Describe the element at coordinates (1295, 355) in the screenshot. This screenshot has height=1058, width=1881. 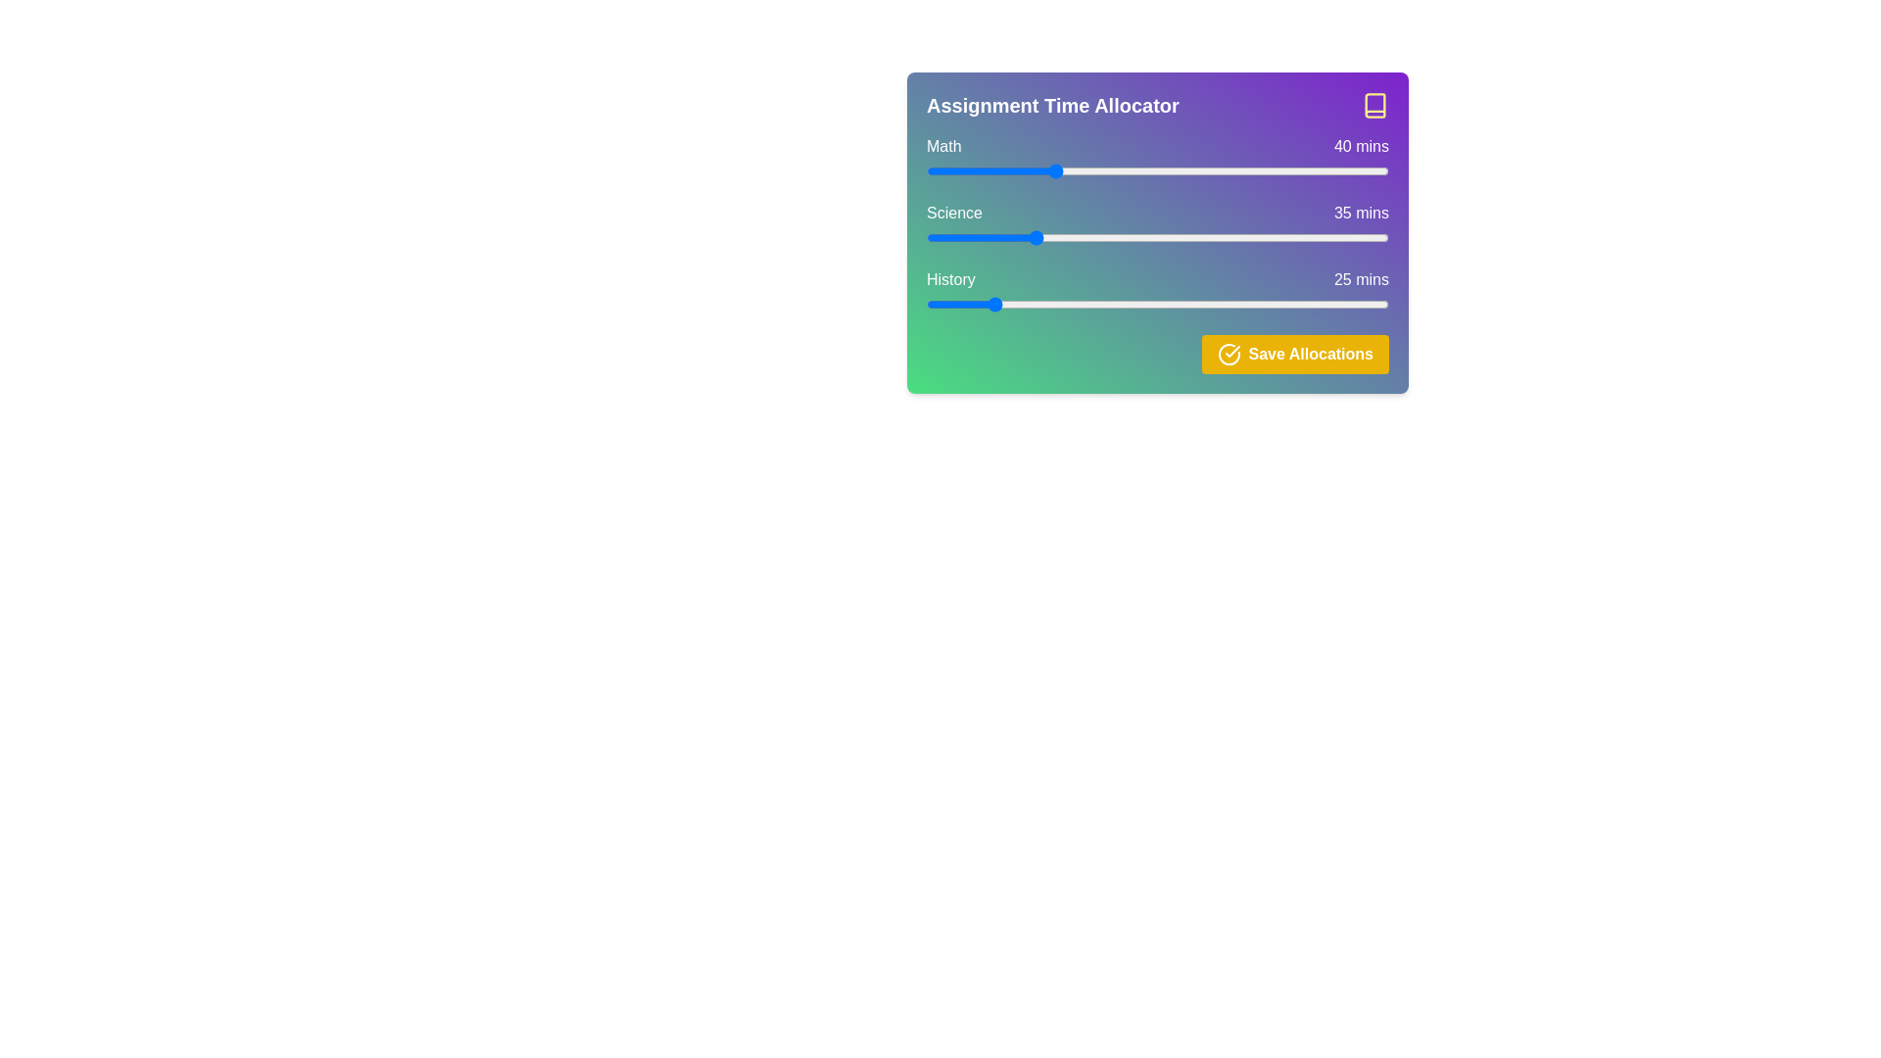
I see `the 'Save Allocations' button located at the bottom-right corner of the 'Assignment Time Allocator' card` at that location.